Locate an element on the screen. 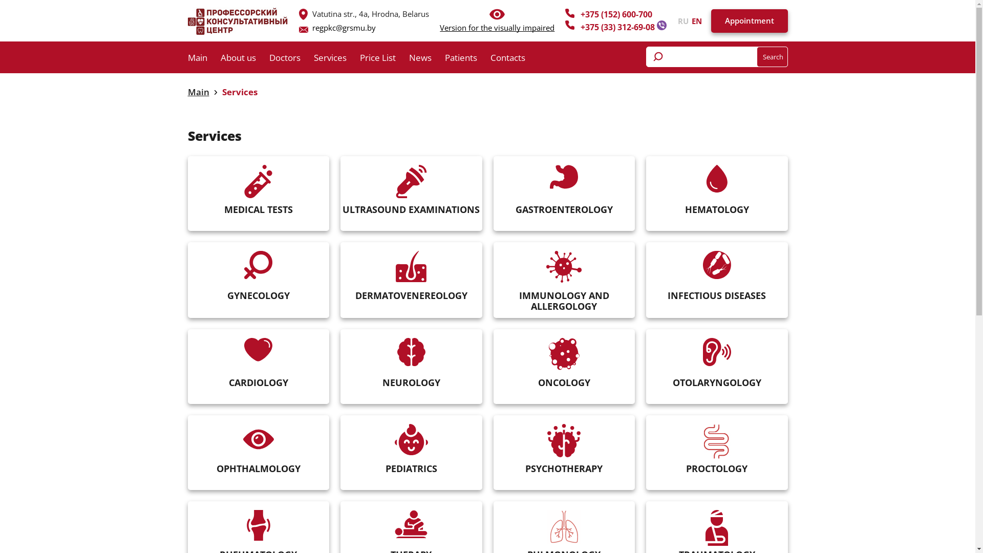  'Gynecology' is located at coordinates (258, 264).